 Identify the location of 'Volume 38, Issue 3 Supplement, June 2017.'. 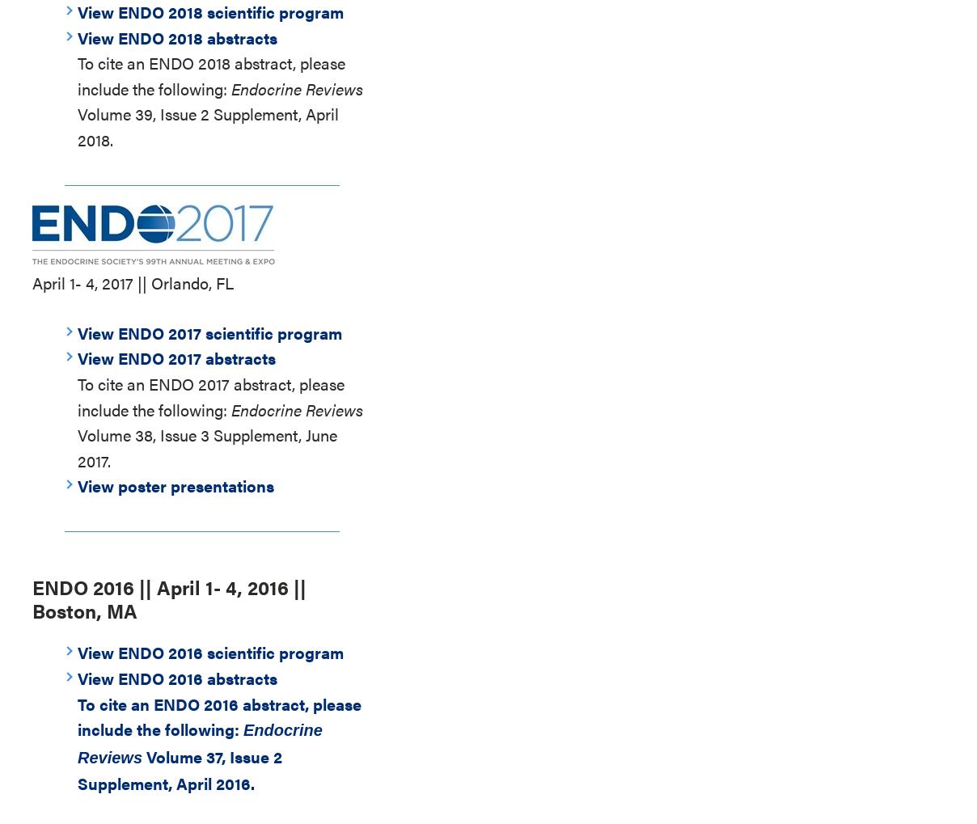
(207, 447).